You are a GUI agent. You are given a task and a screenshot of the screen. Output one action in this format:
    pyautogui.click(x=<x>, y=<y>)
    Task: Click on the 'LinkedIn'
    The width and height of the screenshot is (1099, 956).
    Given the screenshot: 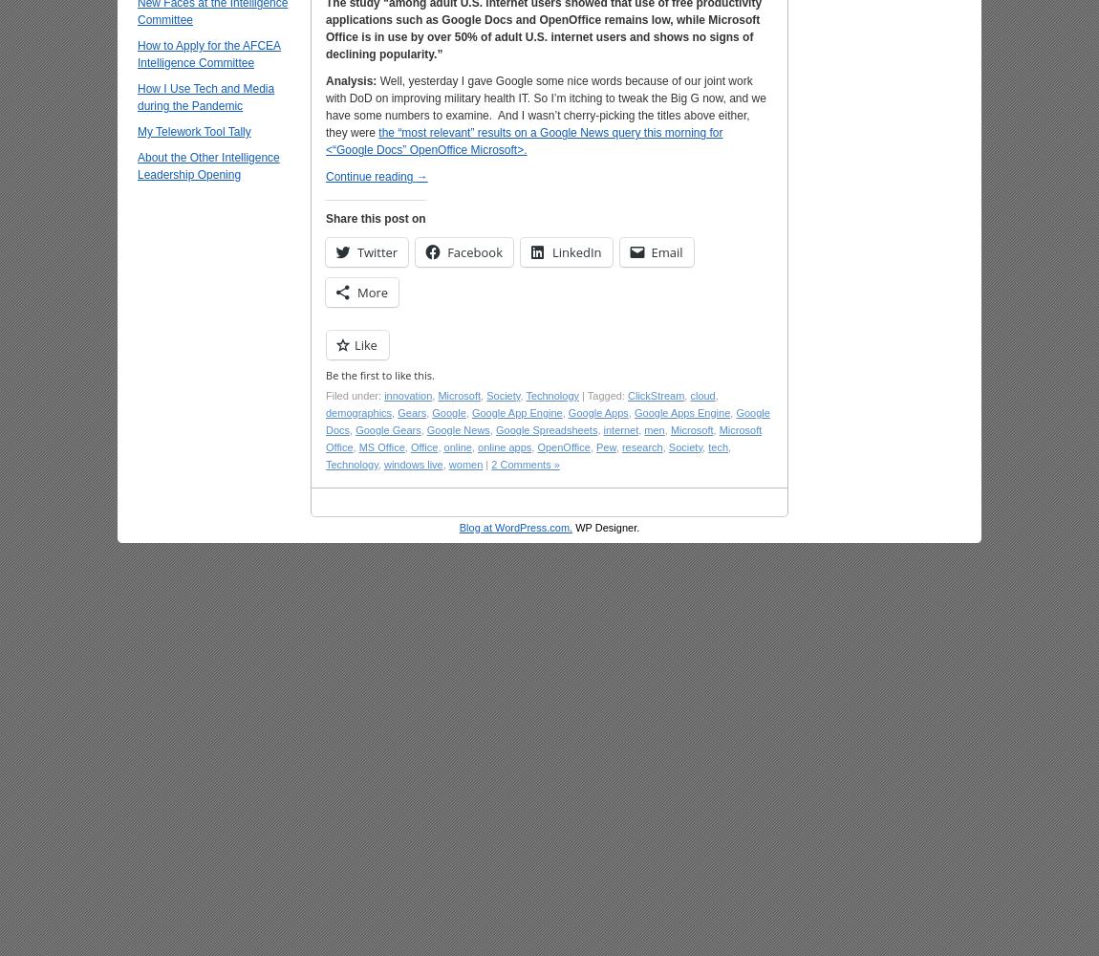 What is the action you would take?
    pyautogui.click(x=550, y=251)
    